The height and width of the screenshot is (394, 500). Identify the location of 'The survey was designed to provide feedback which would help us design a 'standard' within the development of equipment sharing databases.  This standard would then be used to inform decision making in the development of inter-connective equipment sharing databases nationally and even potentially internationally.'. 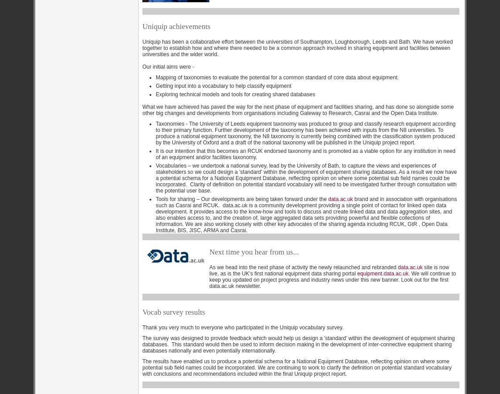
(298, 344).